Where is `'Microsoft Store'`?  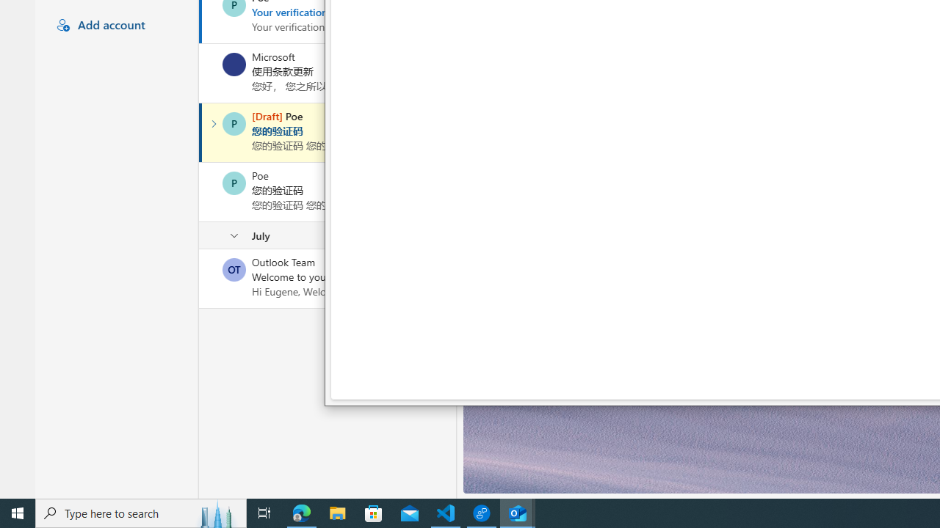
'Microsoft Store' is located at coordinates (374, 512).